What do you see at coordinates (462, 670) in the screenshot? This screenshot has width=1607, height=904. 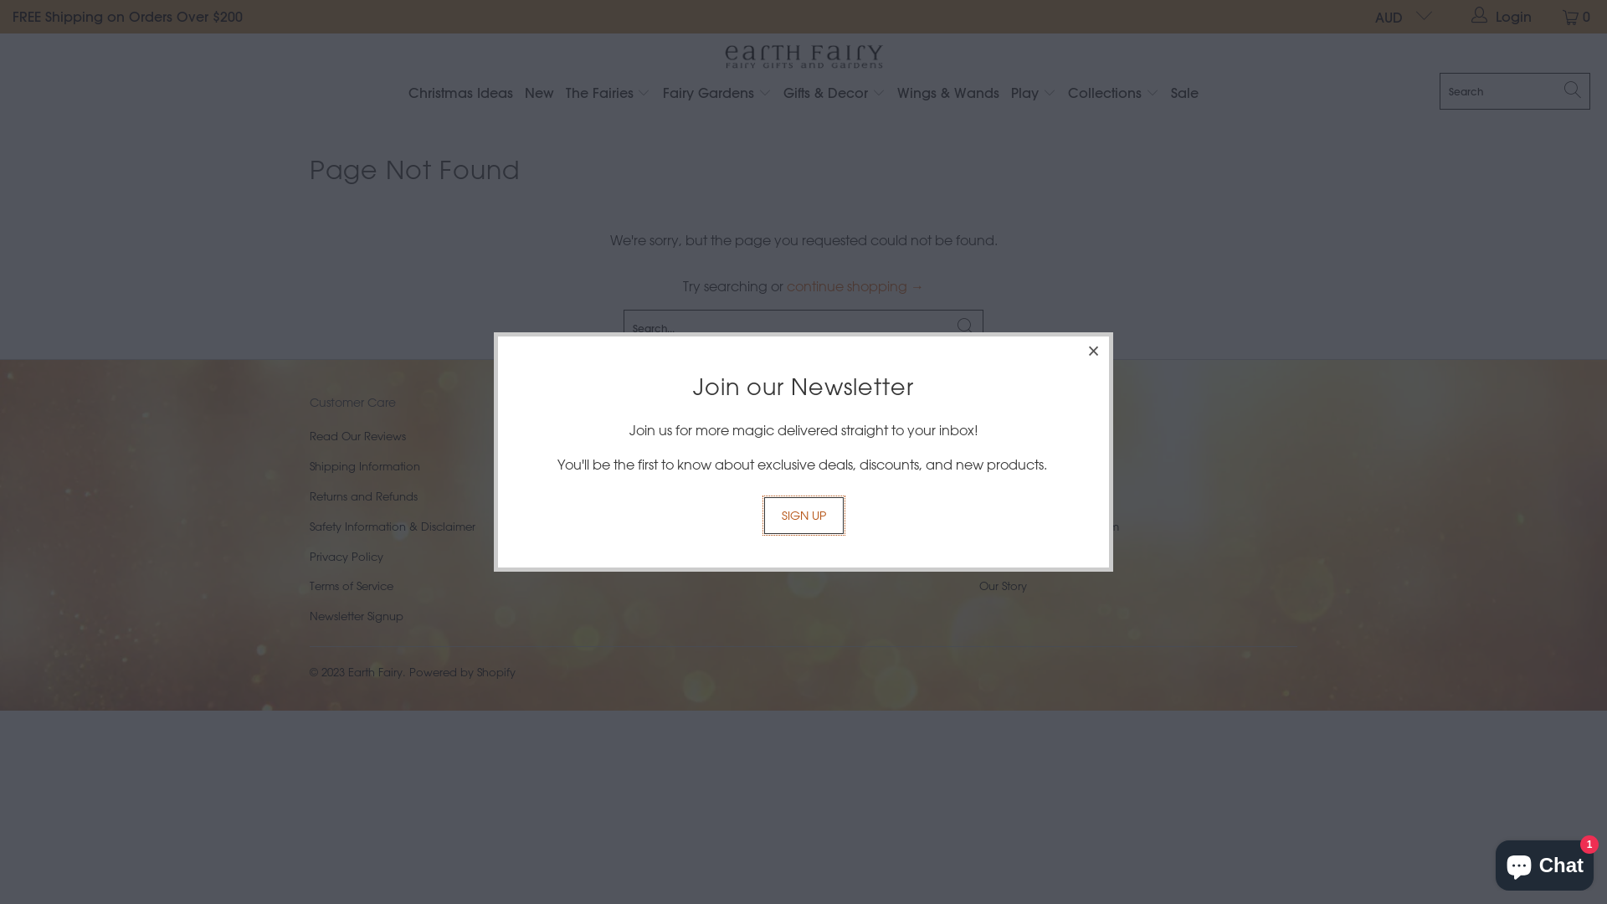 I see `'Powered by Shopify'` at bounding box center [462, 670].